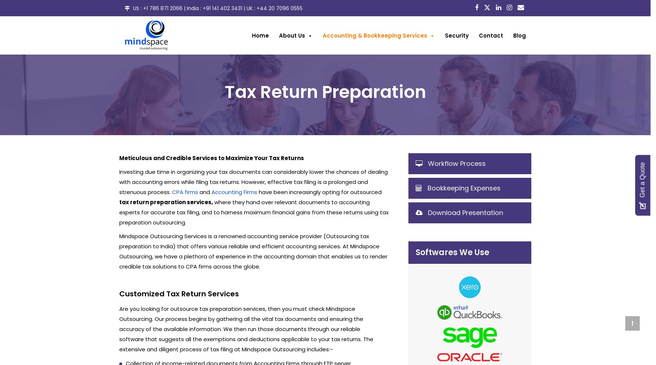 Image resolution: width=656 pixels, height=365 pixels. Describe the element at coordinates (119, 158) in the screenshot. I see `'Meticulous and Credible Services to Maximize Your Tax Returns'` at that location.